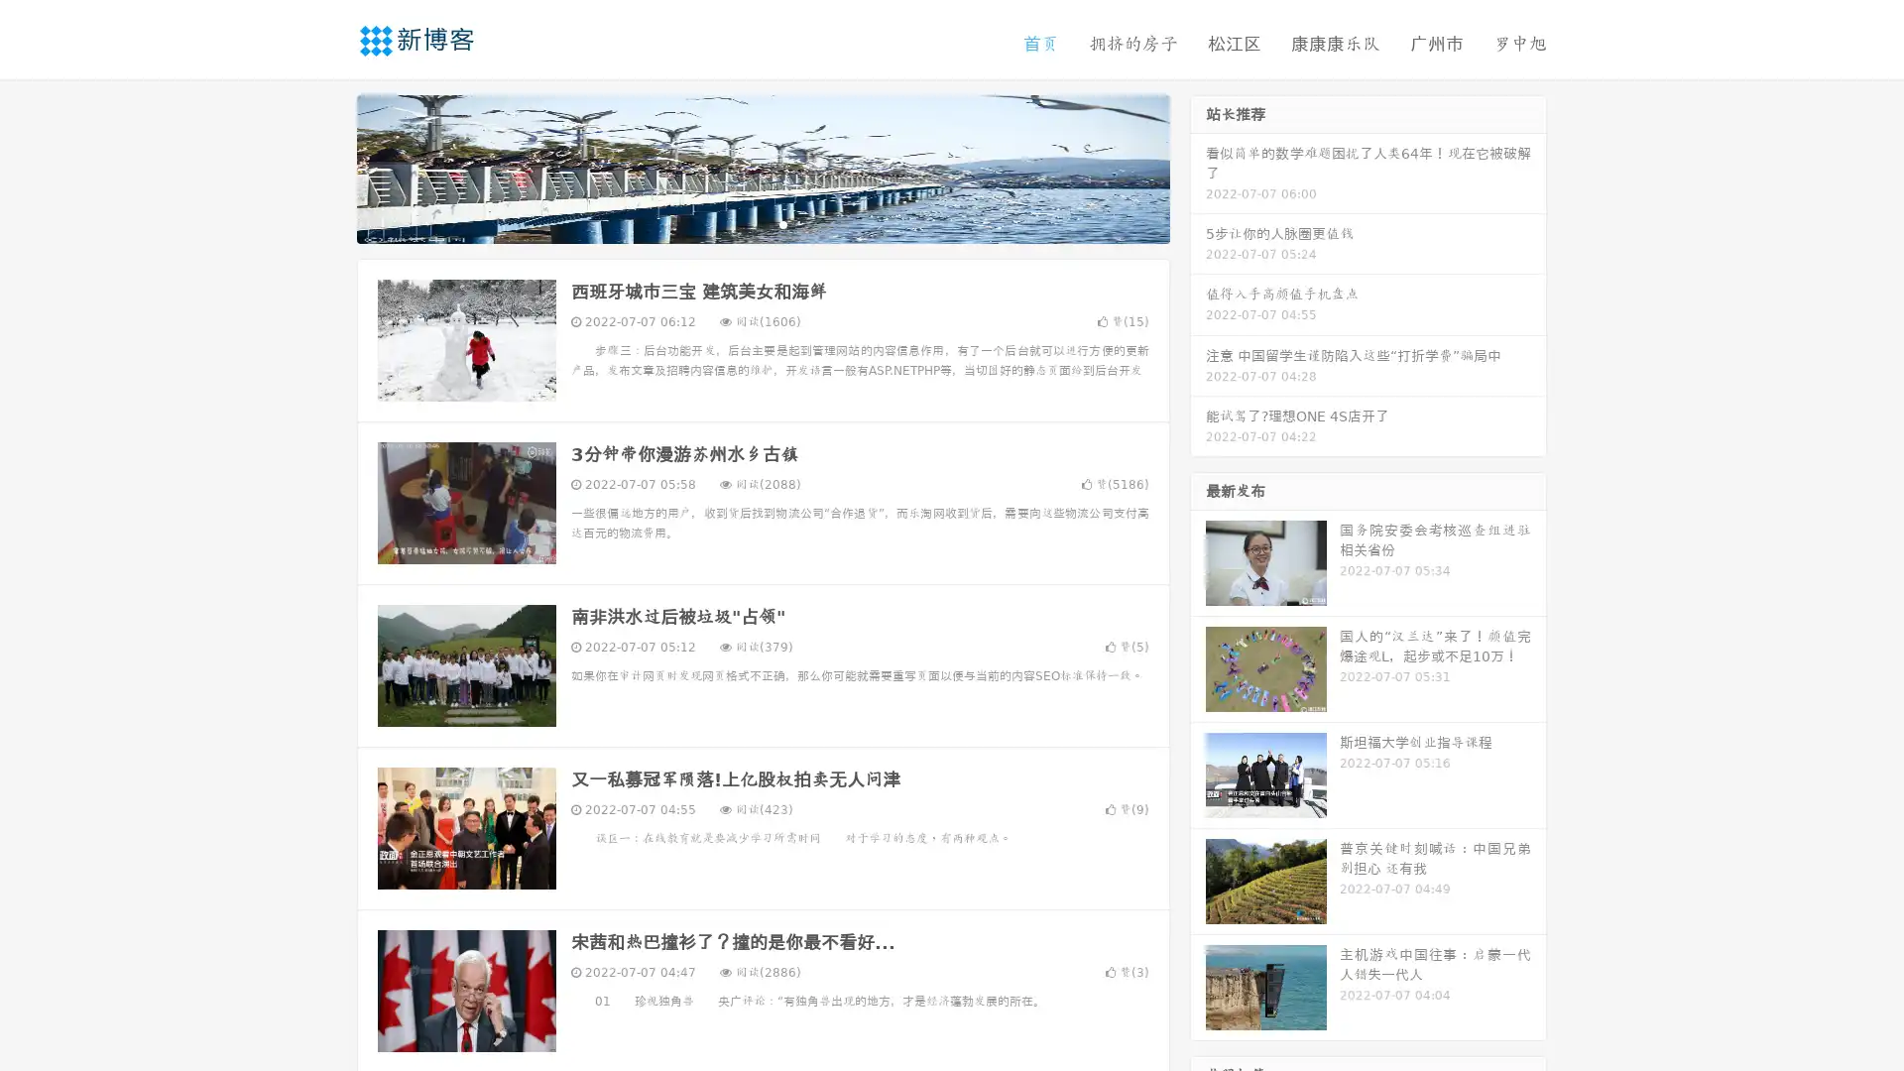  What do you see at coordinates (1198, 167) in the screenshot?
I see `Next slide` at bounding box center [1198, 167].